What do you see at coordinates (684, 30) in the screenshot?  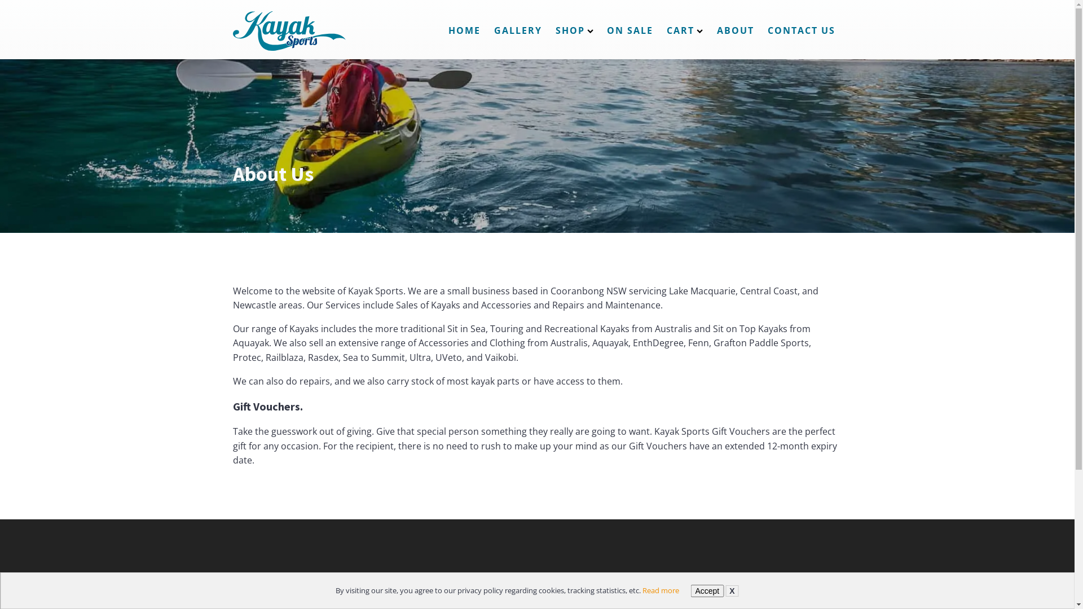 I see `'CART'` at bounding box center [684, 30].